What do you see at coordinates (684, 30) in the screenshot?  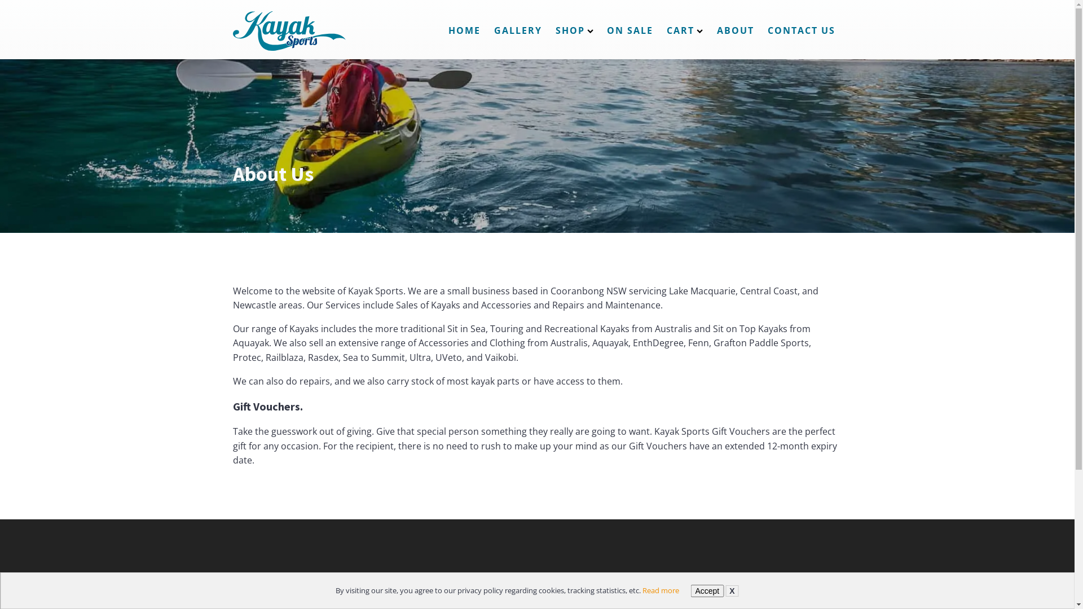 I see `'CART'` at bounding box center [684, 30].